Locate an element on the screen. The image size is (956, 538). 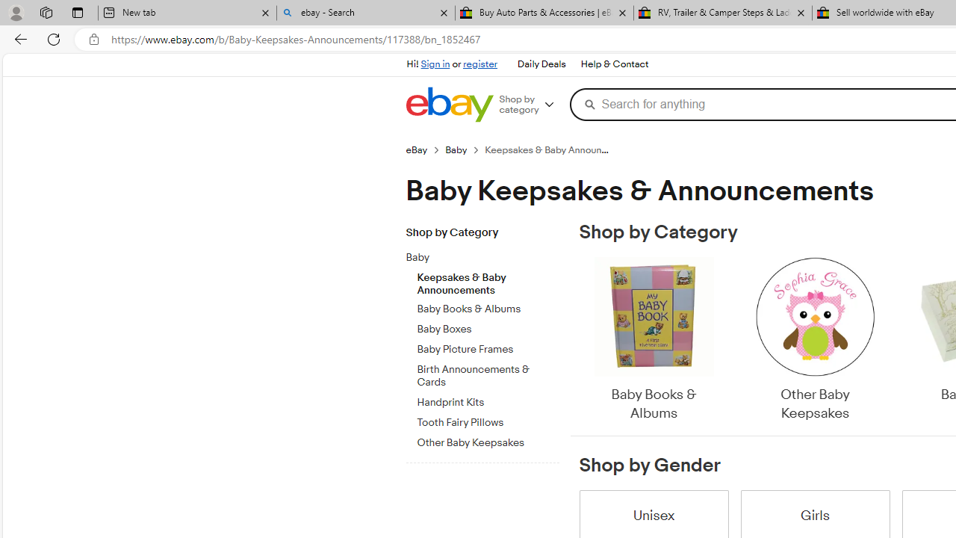
'Birth Announcements & Cards' is located at coordinates (488, 373).